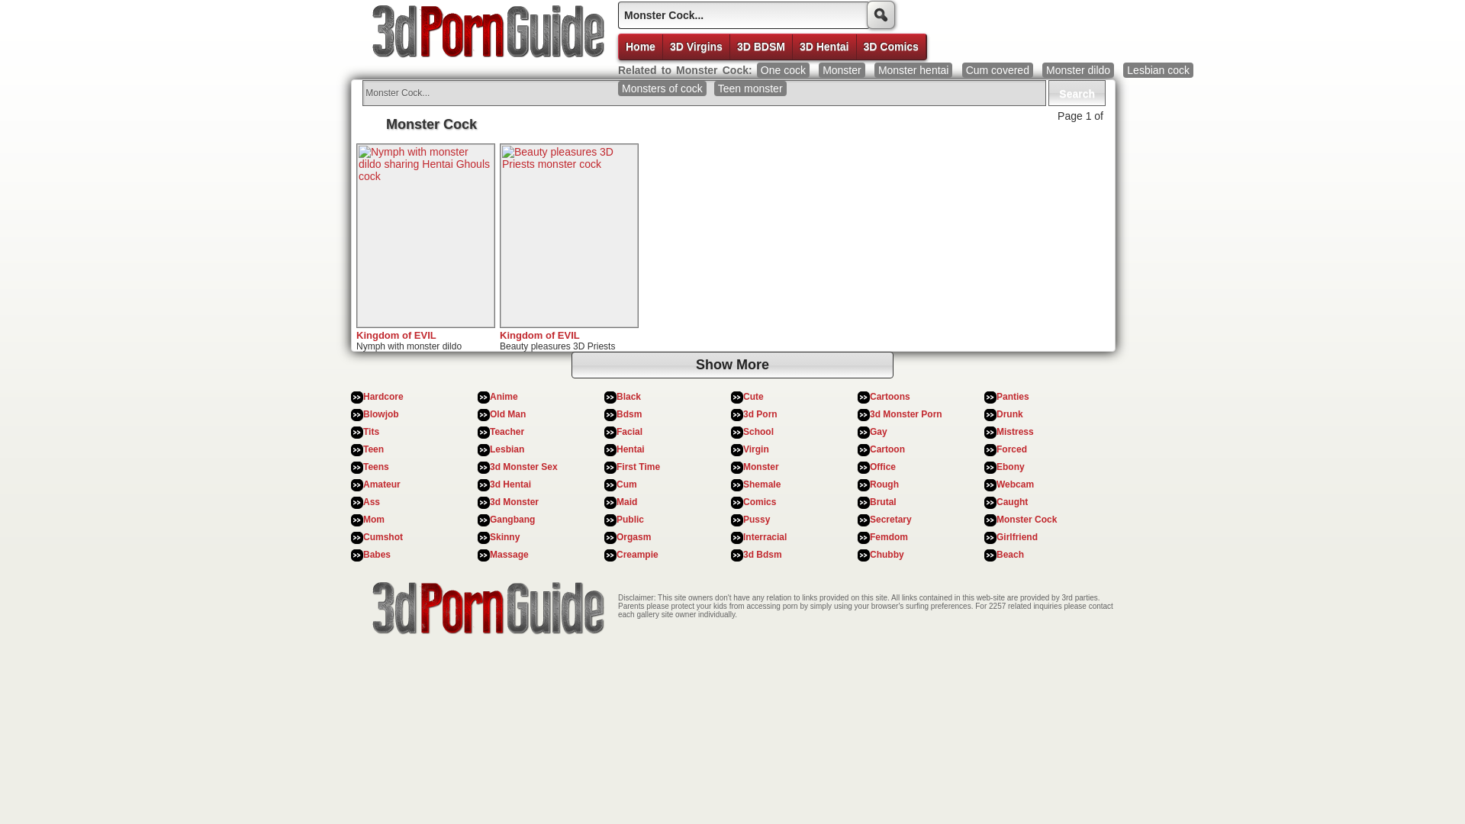  I want to click on 'Rough', so click(884, 484).